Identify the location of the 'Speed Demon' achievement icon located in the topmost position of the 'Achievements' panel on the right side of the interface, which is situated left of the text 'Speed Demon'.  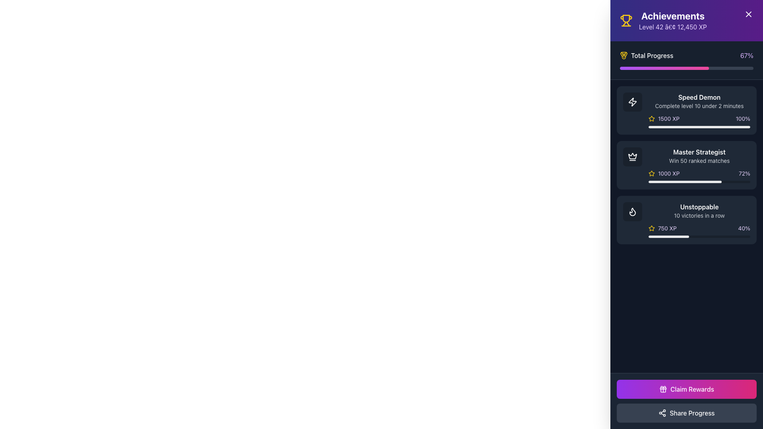
(632, 102).